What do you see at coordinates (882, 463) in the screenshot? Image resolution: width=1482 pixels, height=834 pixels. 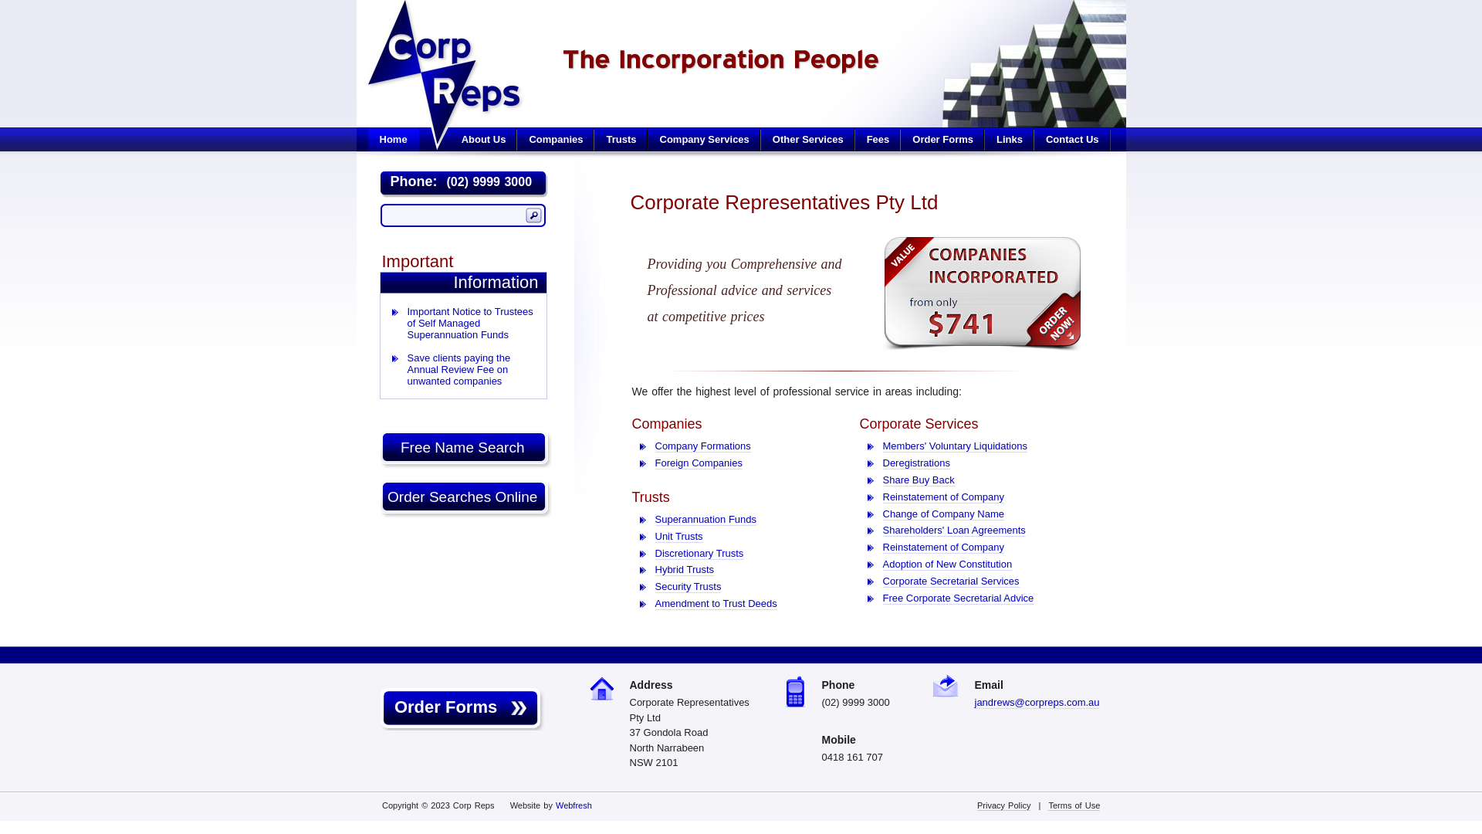 I see `'Deregistrations'` at bounding box center [882, 463].